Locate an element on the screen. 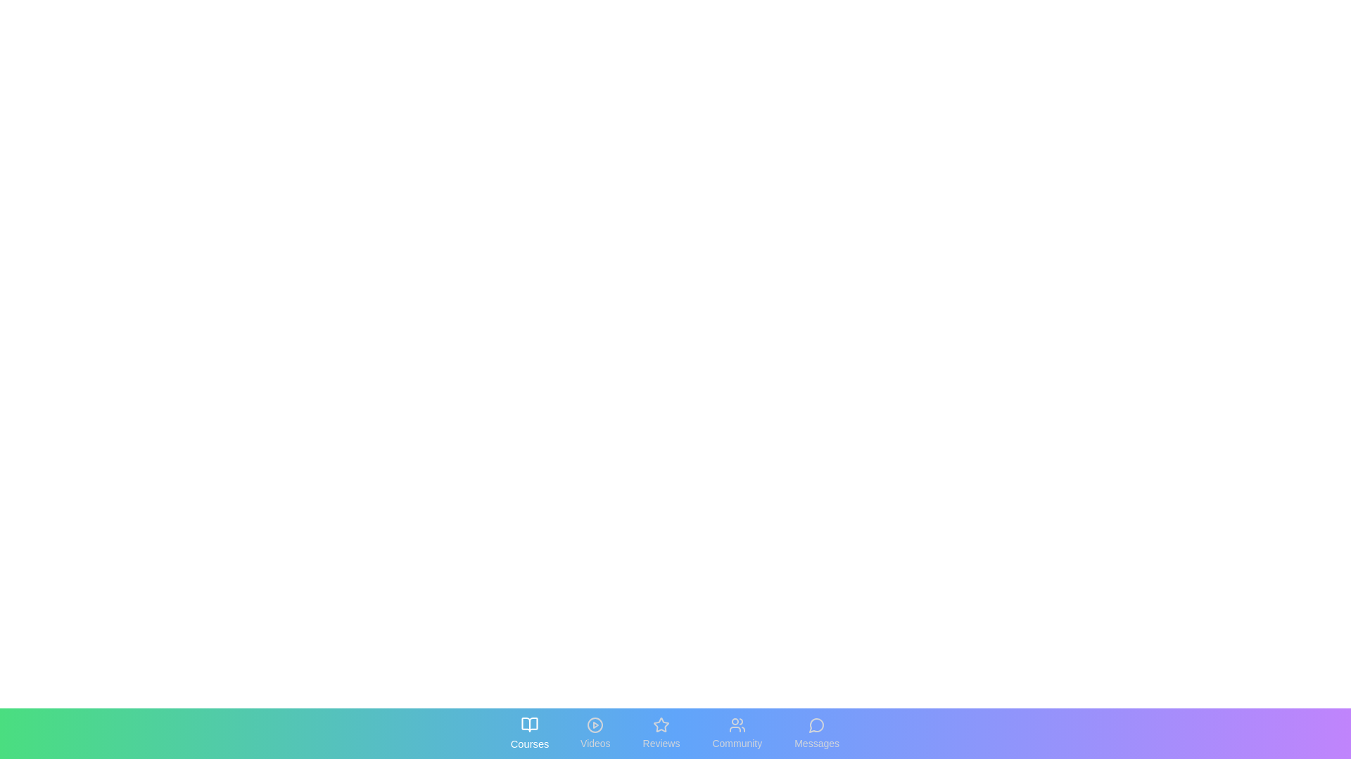 The width and height of the screenshot is (1351, 759). the tab labeled Messages to reveal its interactive state is located at coordinates (817, 733).